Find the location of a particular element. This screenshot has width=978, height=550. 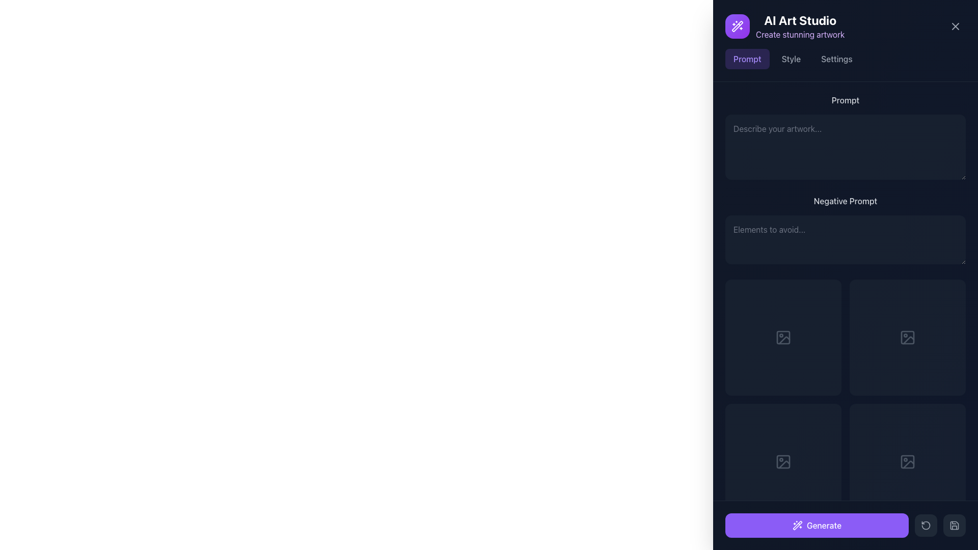

the small gray picture frame icon, which features a circular design and a mountain illustration, from its position in the bottom right corner of the grid is located at coordinates (782, 461).